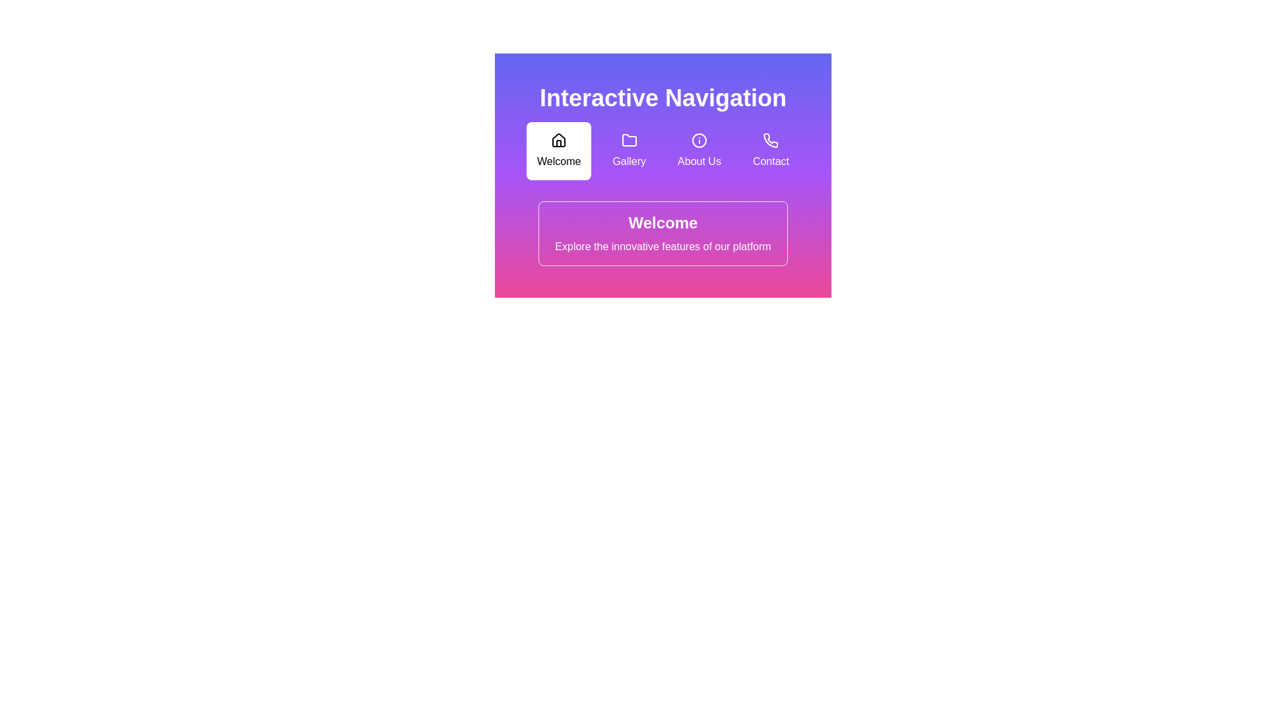 This screenshot has width=1267, height=713. I want to click on the circular 'About Us' icon located above the text 'About Us' in the upper section of the interface, so click(699, 140).